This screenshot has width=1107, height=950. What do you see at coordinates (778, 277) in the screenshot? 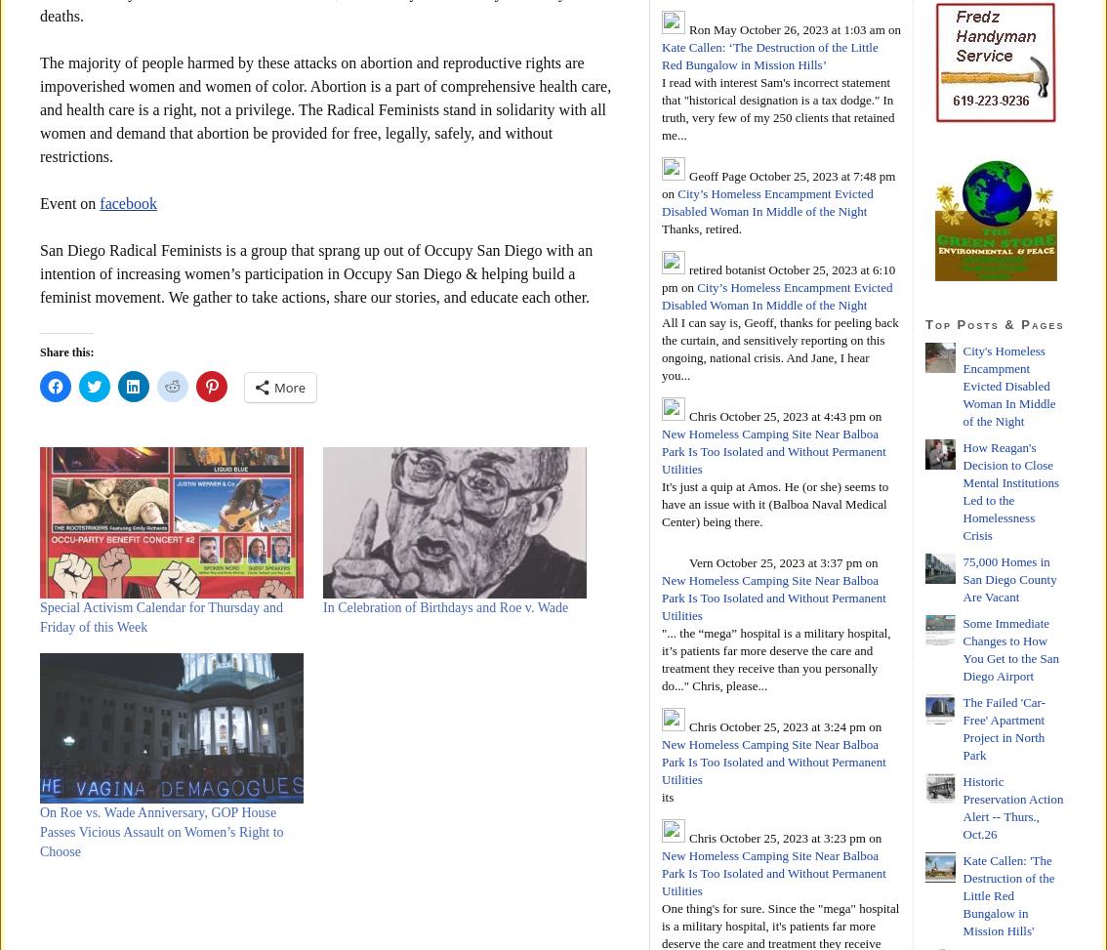
I see `'October 25, 2023 at 6:10 pm'` at bounding box center [778, 277].